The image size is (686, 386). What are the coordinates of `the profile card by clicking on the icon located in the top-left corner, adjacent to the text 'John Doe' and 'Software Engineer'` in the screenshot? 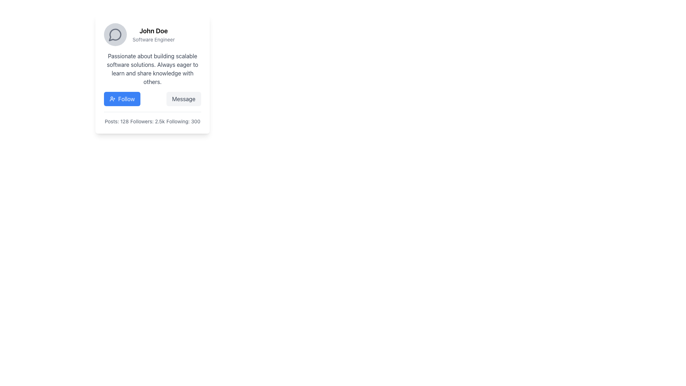 It's located at (115, 34).